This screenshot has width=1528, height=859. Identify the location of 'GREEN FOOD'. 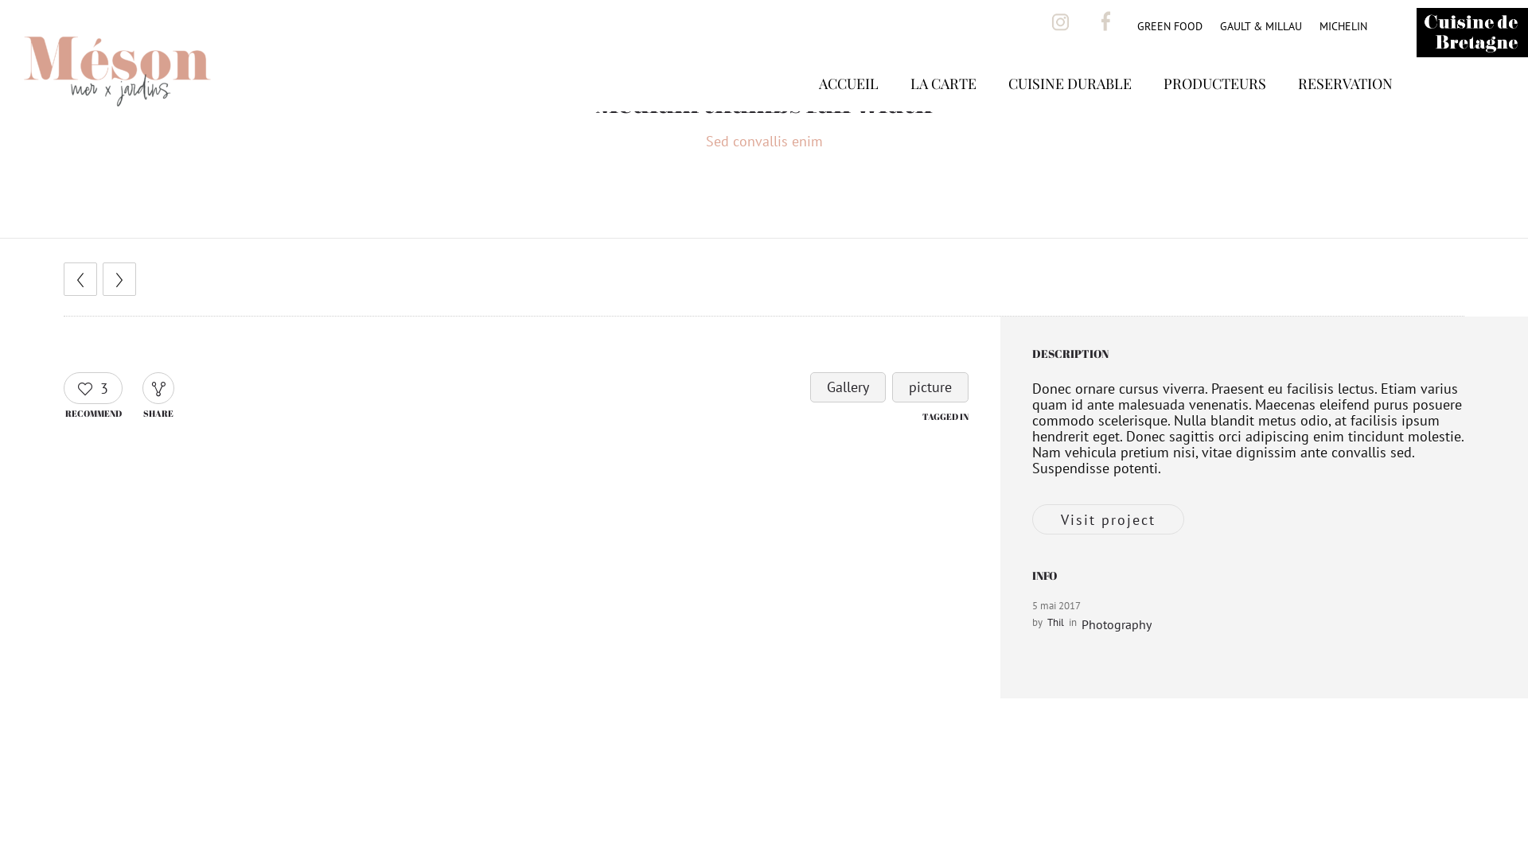
(1169, 26).